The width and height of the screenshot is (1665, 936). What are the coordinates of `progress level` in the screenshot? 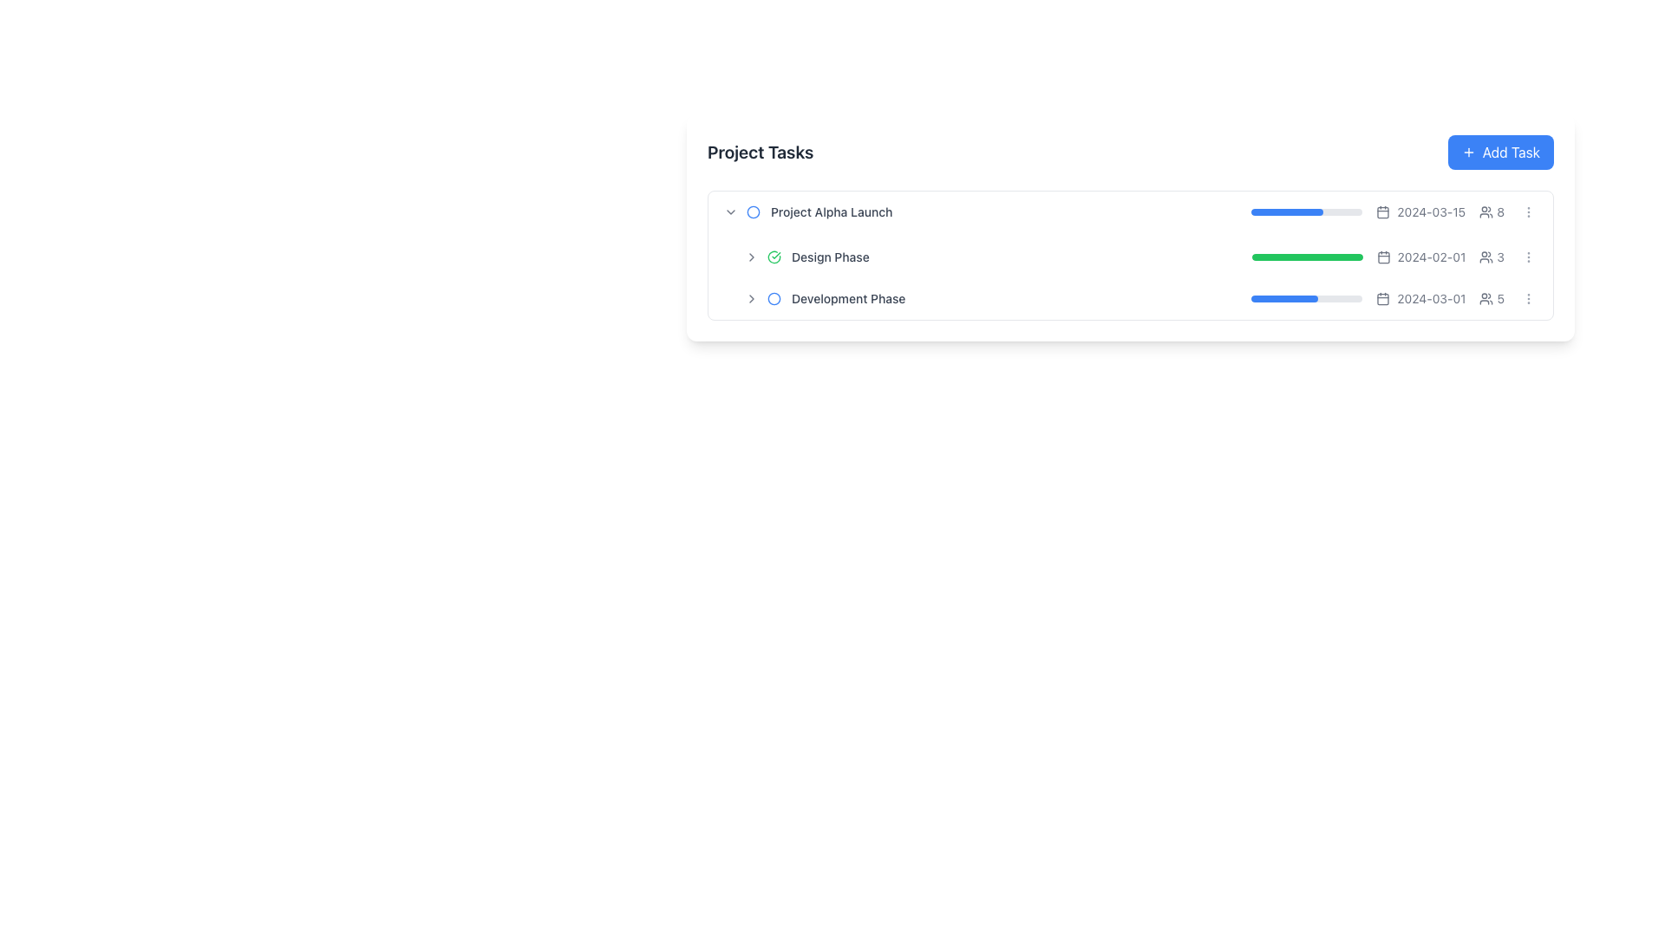 It's located at (1287, 257).